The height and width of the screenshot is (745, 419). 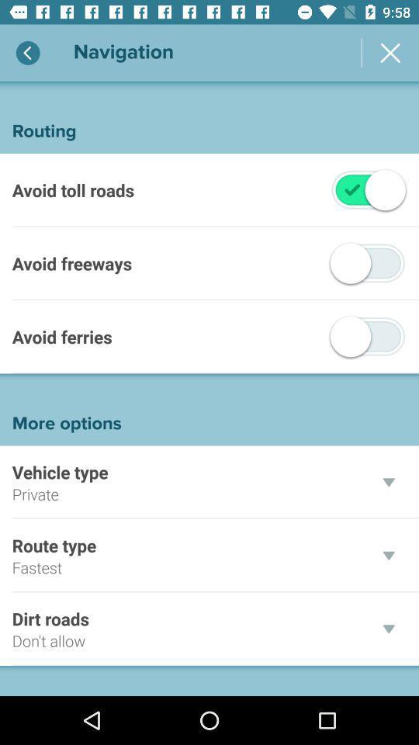 What do you see at coordinates (367, 189) in the screenshot?
I see `the first toggle button` at bounding box center [367, 189].